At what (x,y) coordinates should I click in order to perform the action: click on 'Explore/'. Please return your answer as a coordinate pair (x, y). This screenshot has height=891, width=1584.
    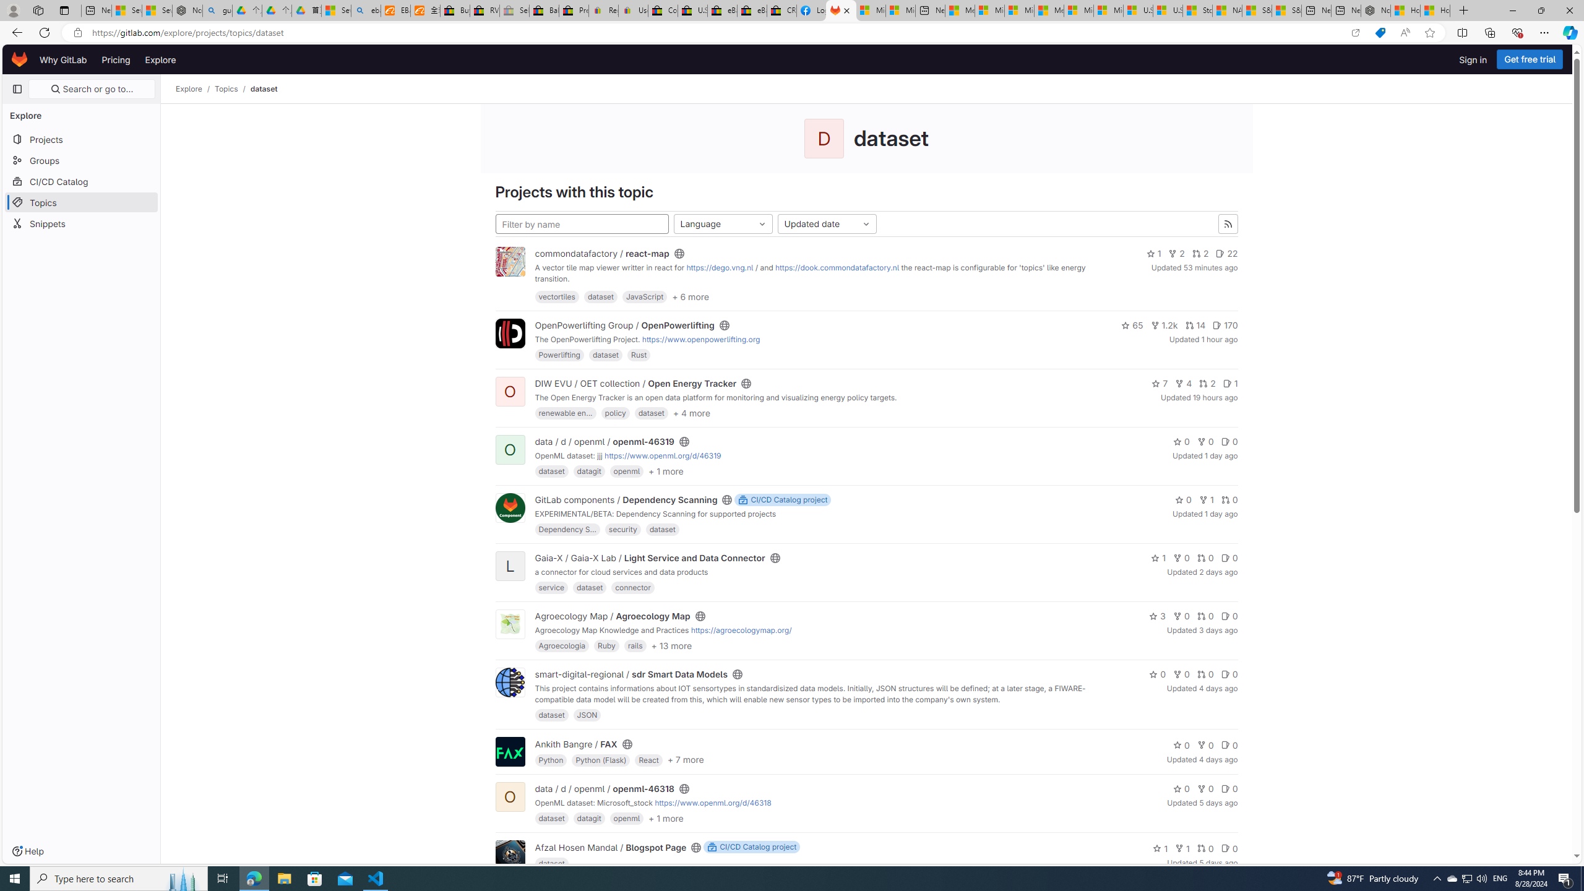
    Looking at the image, I should click on (195, 88).